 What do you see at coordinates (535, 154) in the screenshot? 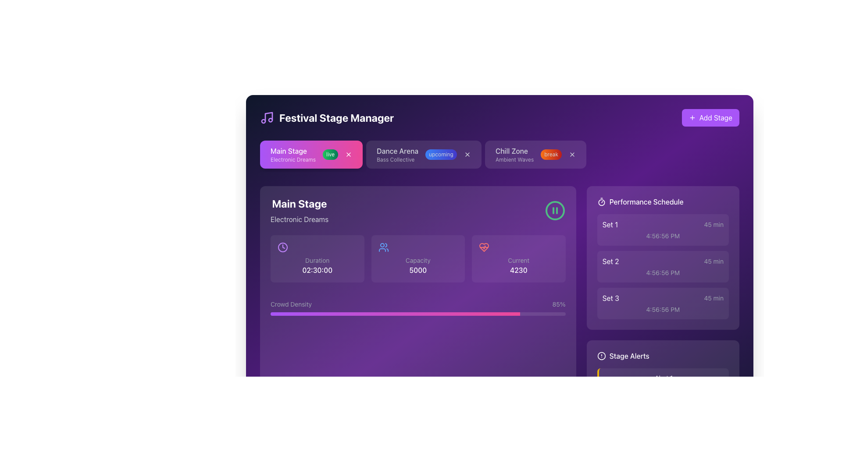
I see `the status button labeled 'break' within the 'Chill Zone' tab located in the header section of the interface` at bounding box center [535, 154].